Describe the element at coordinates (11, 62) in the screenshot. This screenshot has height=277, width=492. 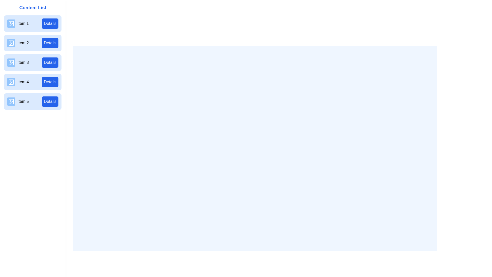
I see `the icon representation for 'Item 3,' which is the third light blue square-shaped button in the left column under the header 'Content List.'` at that location.